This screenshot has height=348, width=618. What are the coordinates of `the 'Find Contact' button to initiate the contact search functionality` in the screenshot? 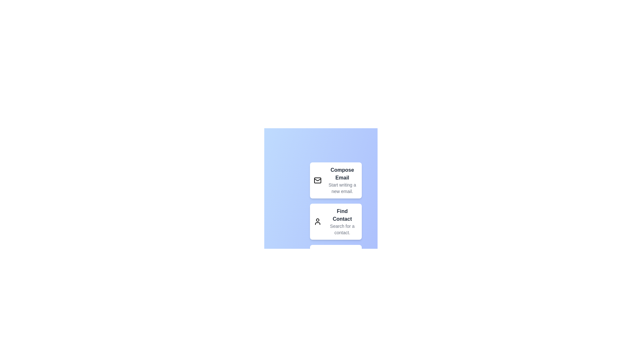 It's located at (335, 221).